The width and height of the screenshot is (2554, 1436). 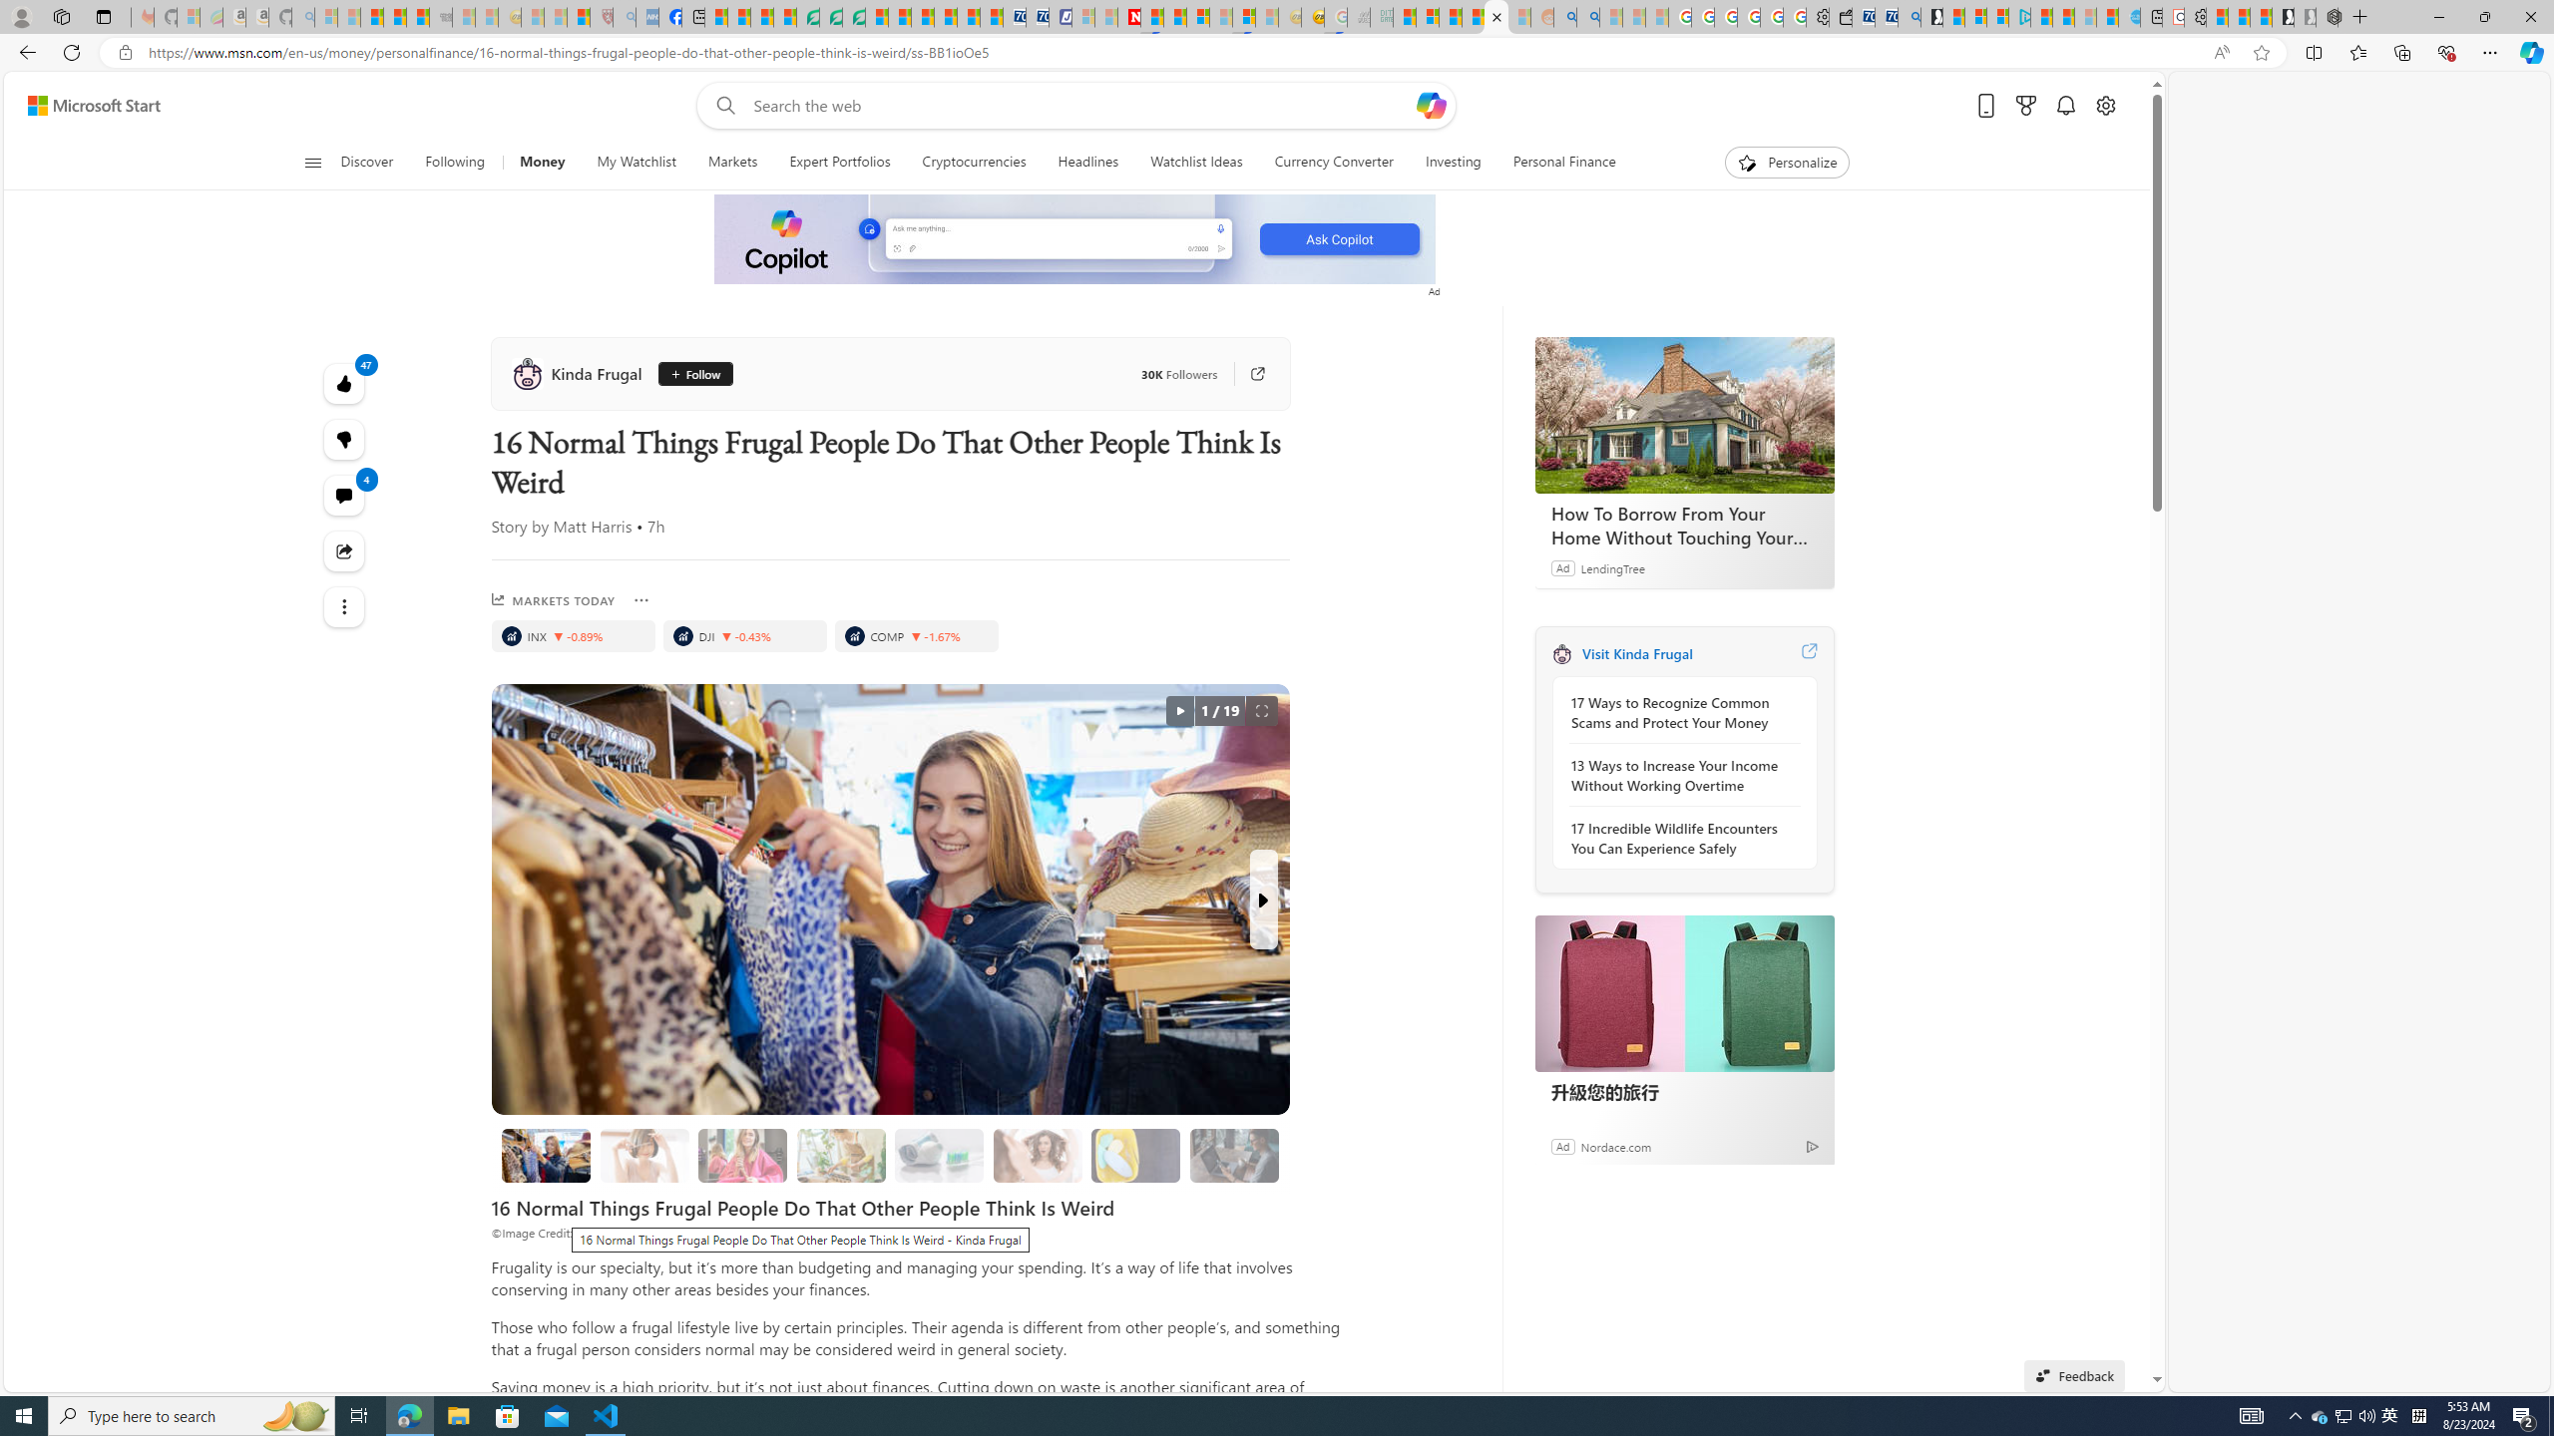 What do you see at coordinates (344, 439) in the screenshot?
I see `'Dislike'` at bounding box center [344, 439].